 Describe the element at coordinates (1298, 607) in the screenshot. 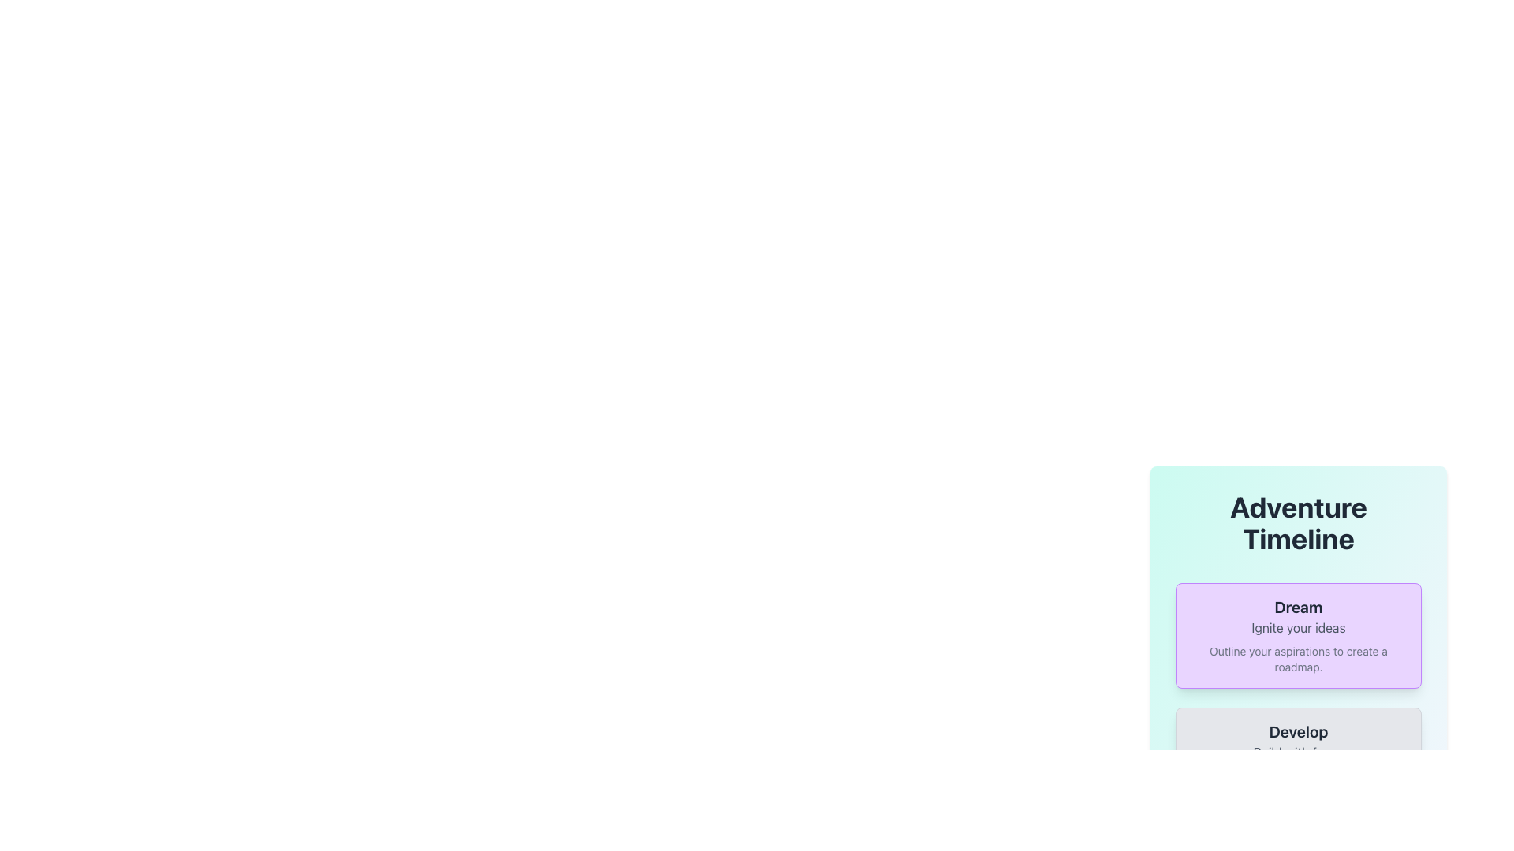

I see `text element labeled 'Dream', which is styled in bold, extra-large font and positioned at the top of a purple rectangular section` at that location.